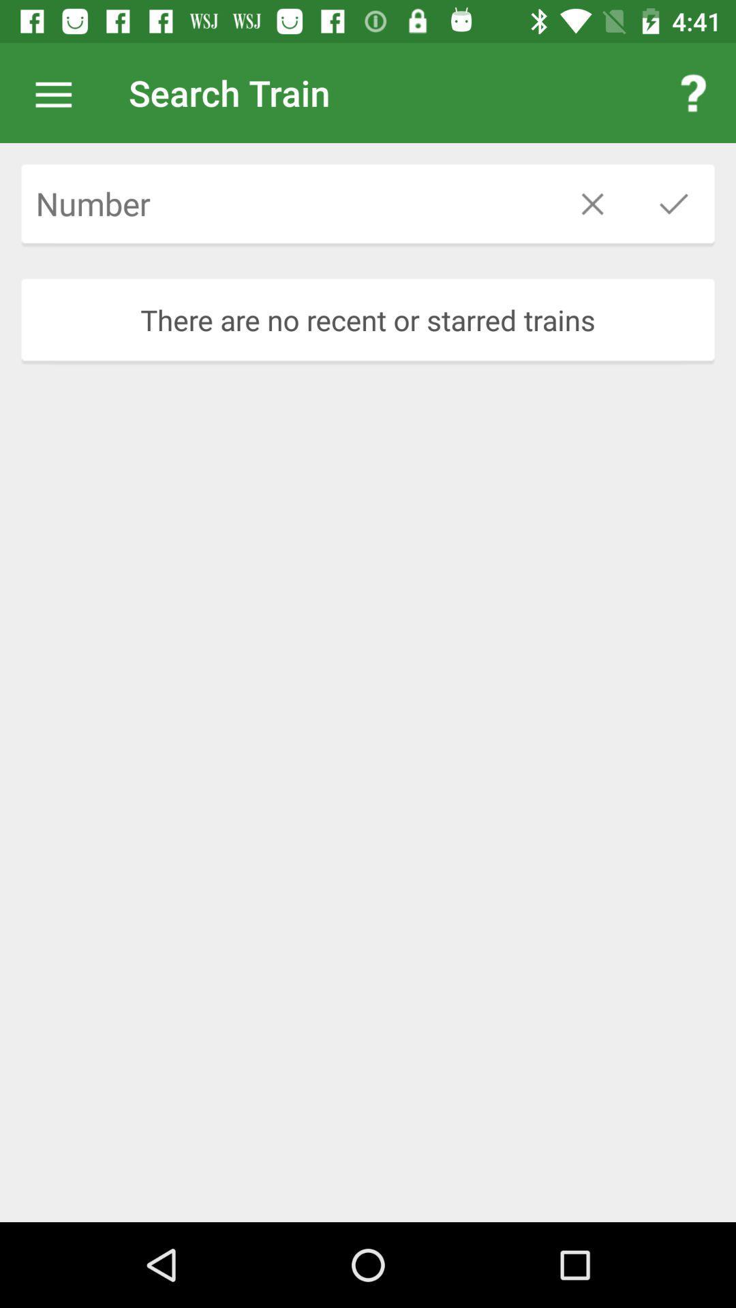 The width and height of the screenshot is (736, 1308). Describe the element at coordinates (673, 203) in the screenshot. I see `the check icon` at that location.